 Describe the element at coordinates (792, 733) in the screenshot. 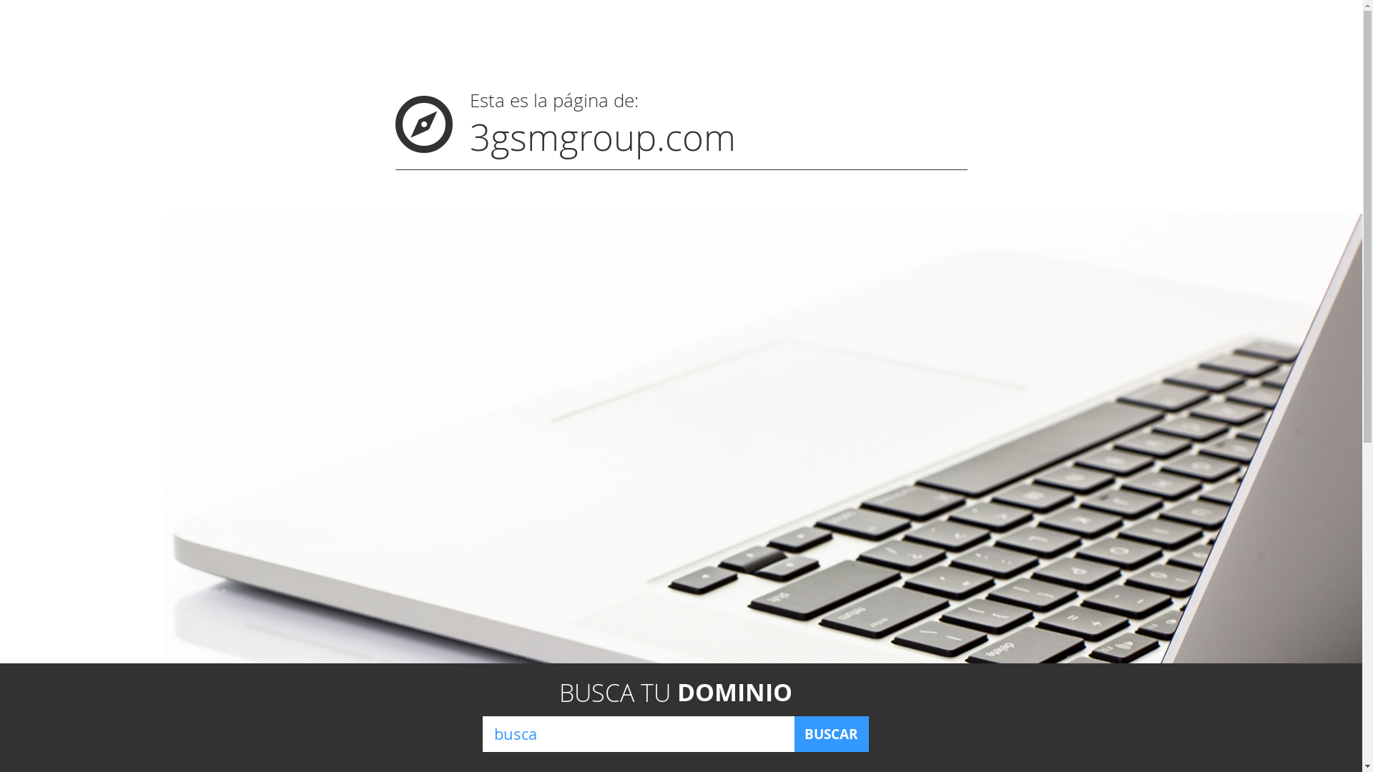

I see `'BUSCAR'` at that location.